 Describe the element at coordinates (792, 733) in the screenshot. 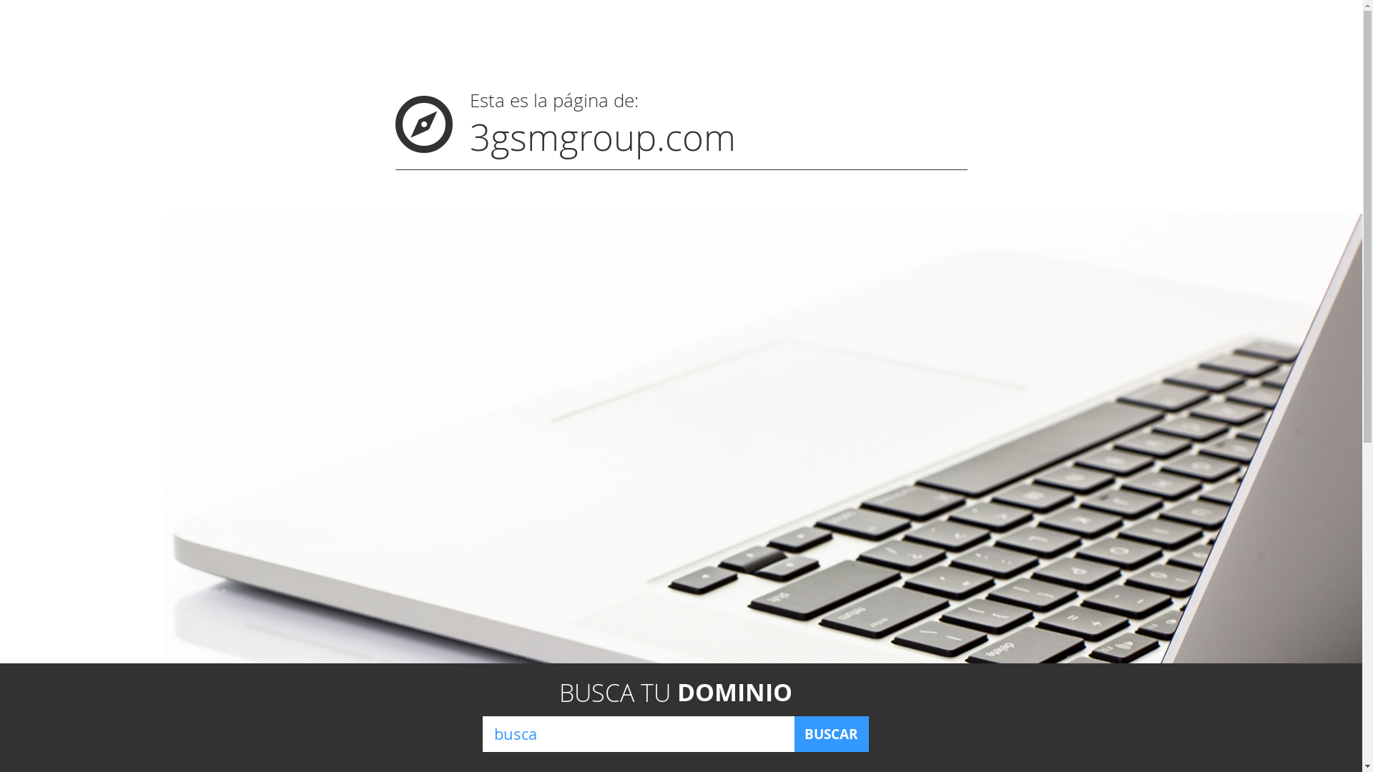

I see `'BUSCAR'` at that location.